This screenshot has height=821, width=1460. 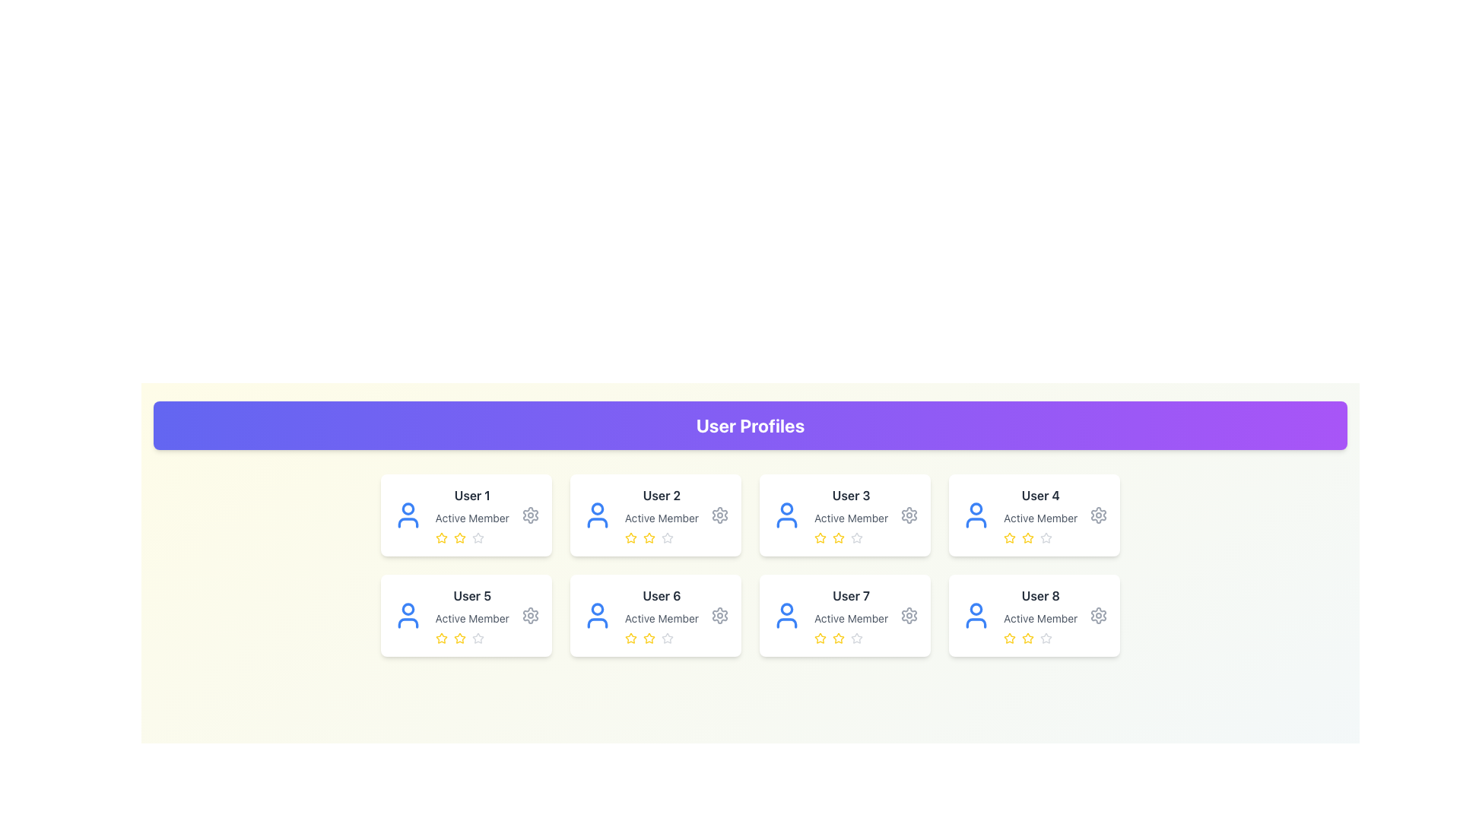 I want to click on the status indicator text label that displays 'Active Member', located in the second column of the second row of user profile cards, directly below 'User 6', so click(x=662, y=618).